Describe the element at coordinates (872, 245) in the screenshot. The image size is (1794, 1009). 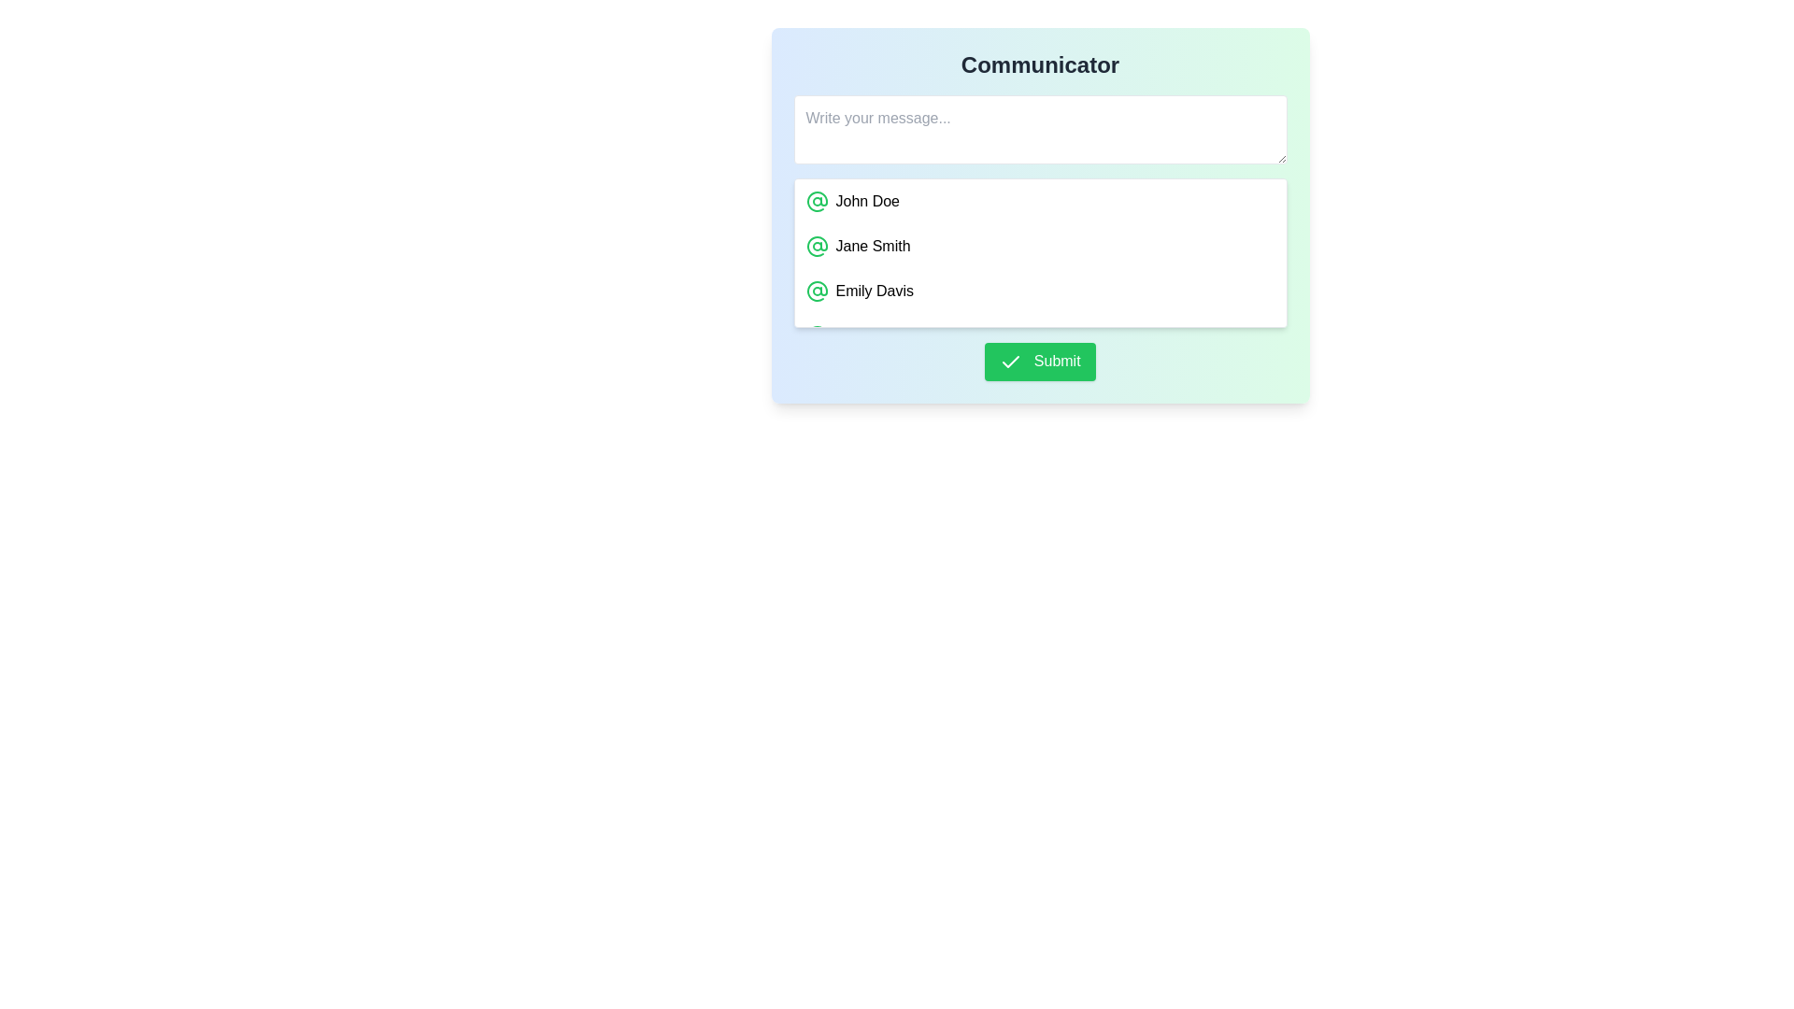
I see `the text label 'Jane Smith' in the user selection list` at that location.